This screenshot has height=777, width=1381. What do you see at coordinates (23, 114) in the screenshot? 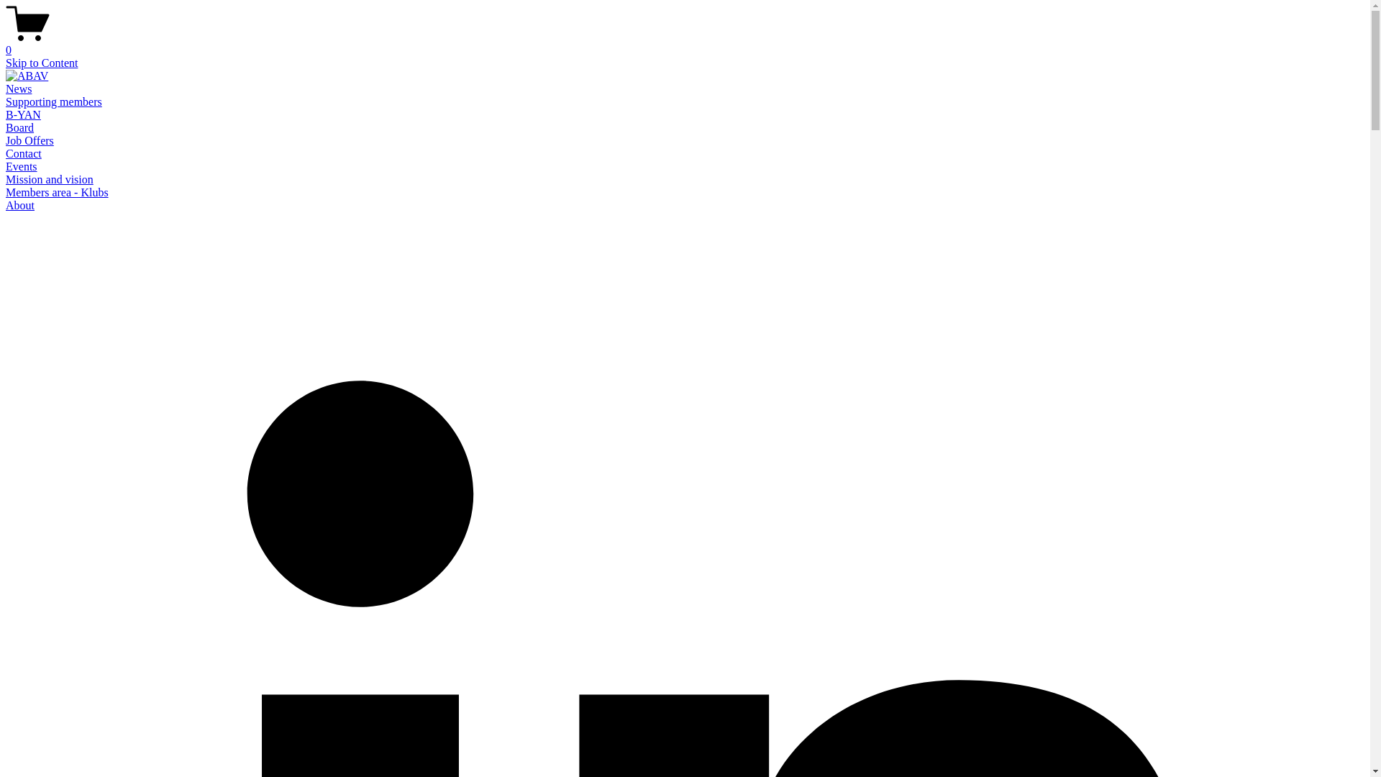
I see `'B-YAN'` at bounding box center [23, 114].